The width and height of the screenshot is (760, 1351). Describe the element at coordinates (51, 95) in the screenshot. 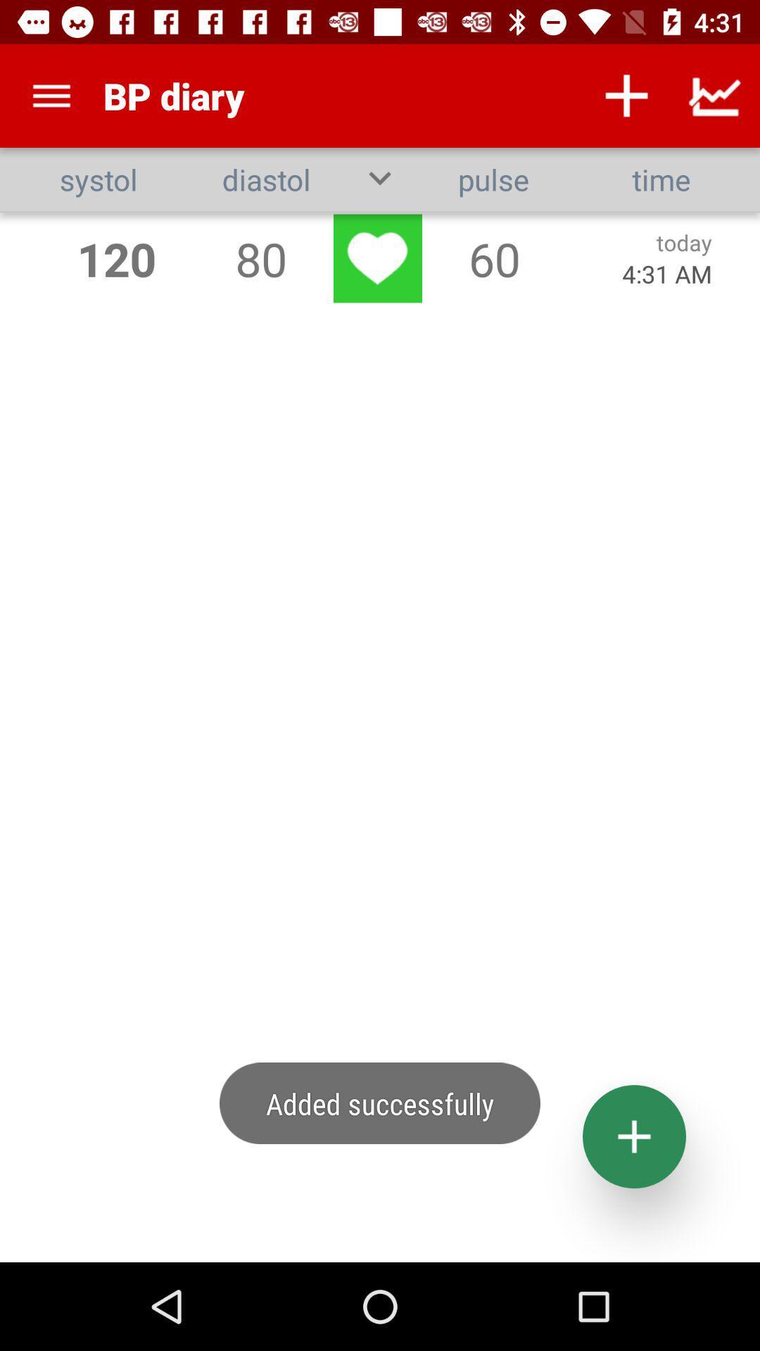

I see `item to the left of bp diary app` at that location.